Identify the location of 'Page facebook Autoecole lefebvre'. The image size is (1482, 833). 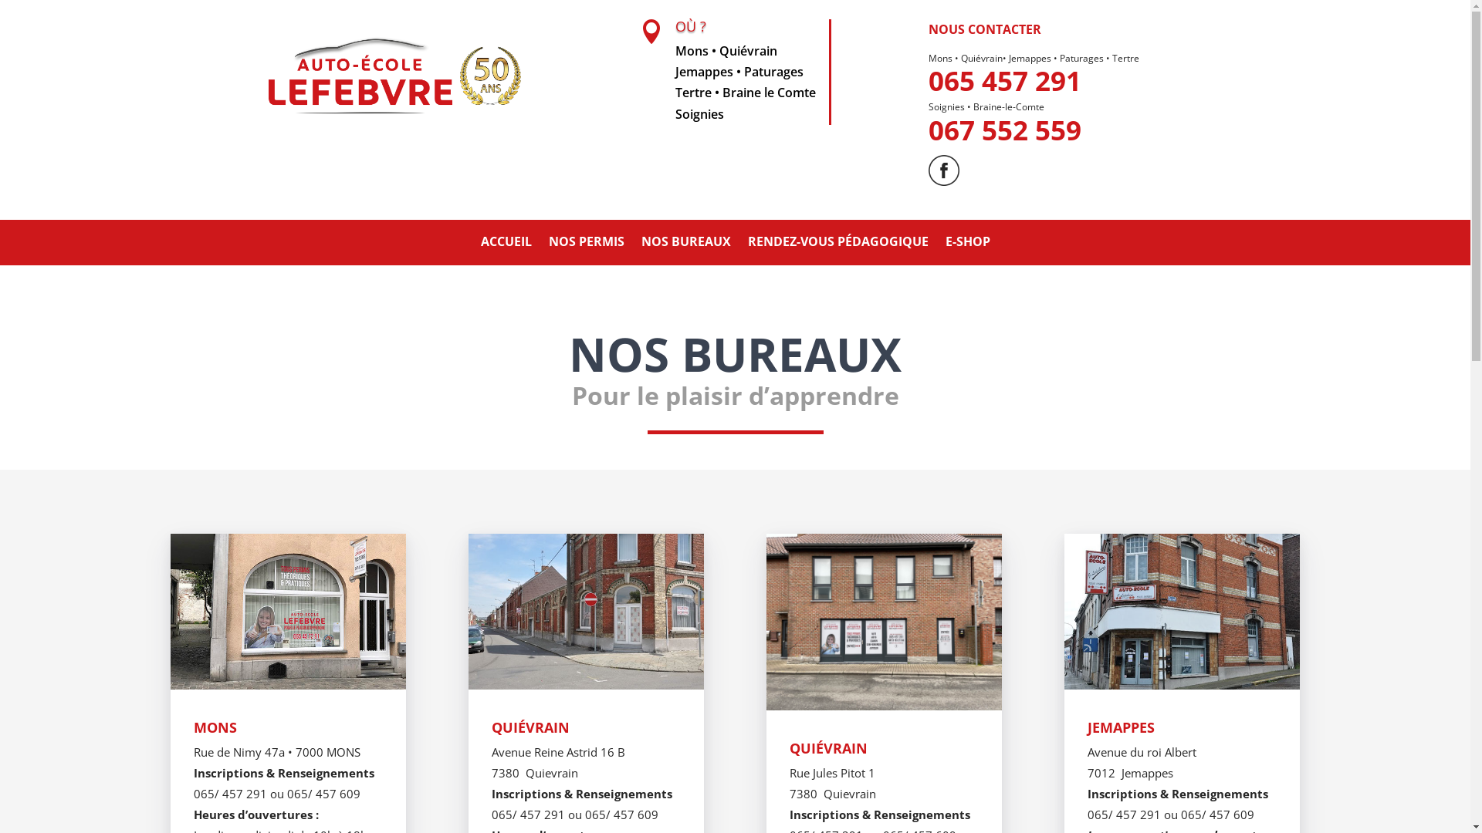
(943, 170).